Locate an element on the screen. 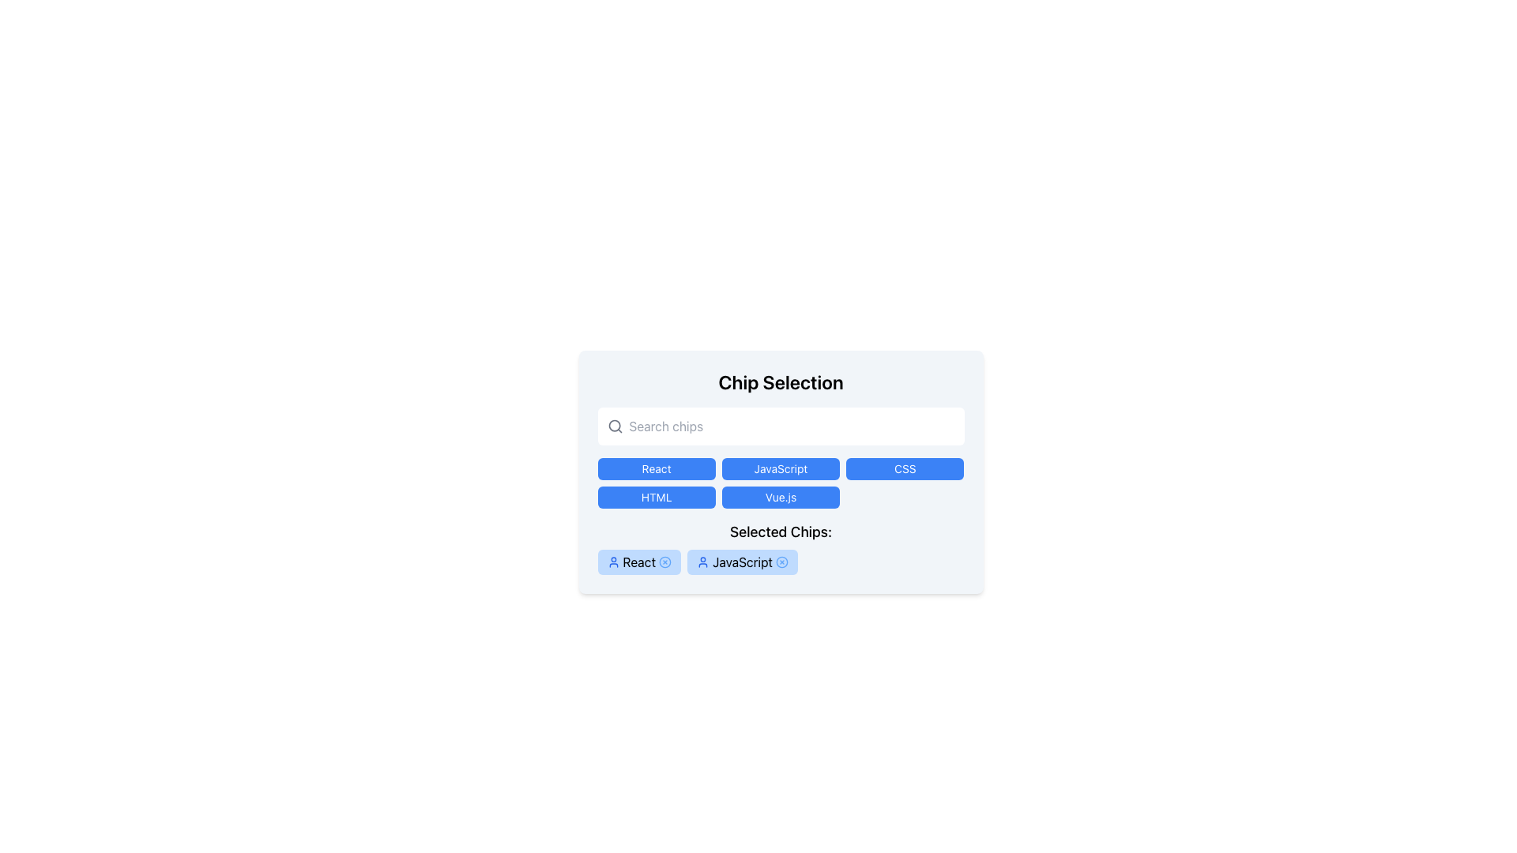  the Tag badge labeled 'React' is located at coordinates (639, 562).